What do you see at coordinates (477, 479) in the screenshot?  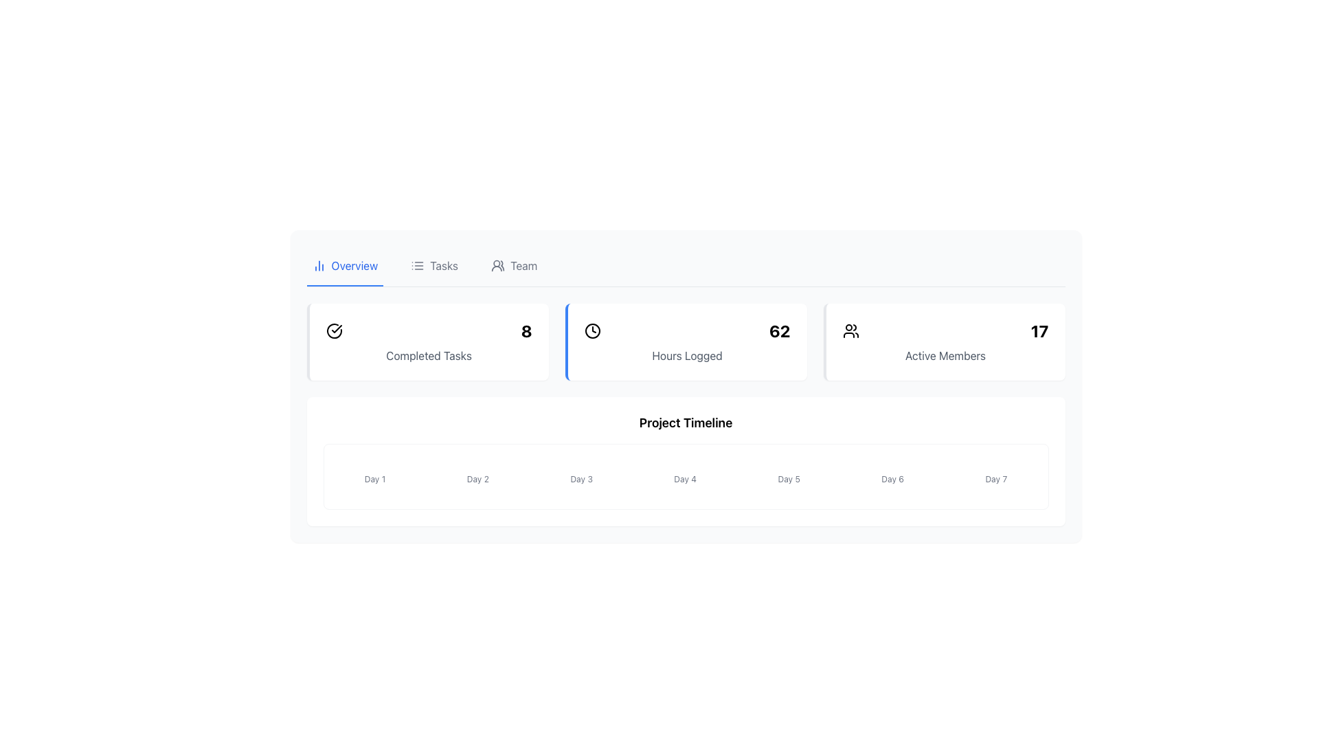 I see `the text label representing 'Day 2', which is located in the center of the 'Project Timeline' panel beneath a rounded vertical bar` at bounding box center [477, 479].